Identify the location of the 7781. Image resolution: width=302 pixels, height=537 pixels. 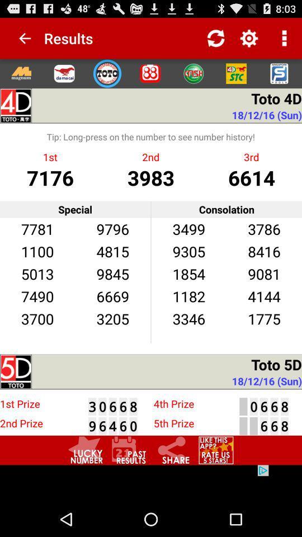
(37, 228).